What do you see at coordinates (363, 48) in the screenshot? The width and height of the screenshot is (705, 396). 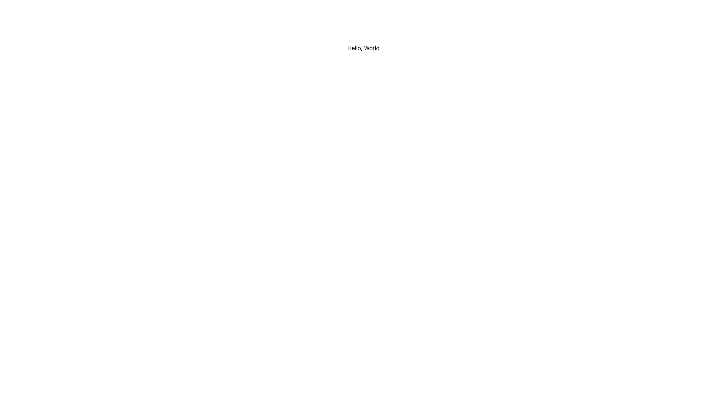 I see `the text label displaying 'Hello, World' located at the top center of the interface` at bounding box center [363, 48].